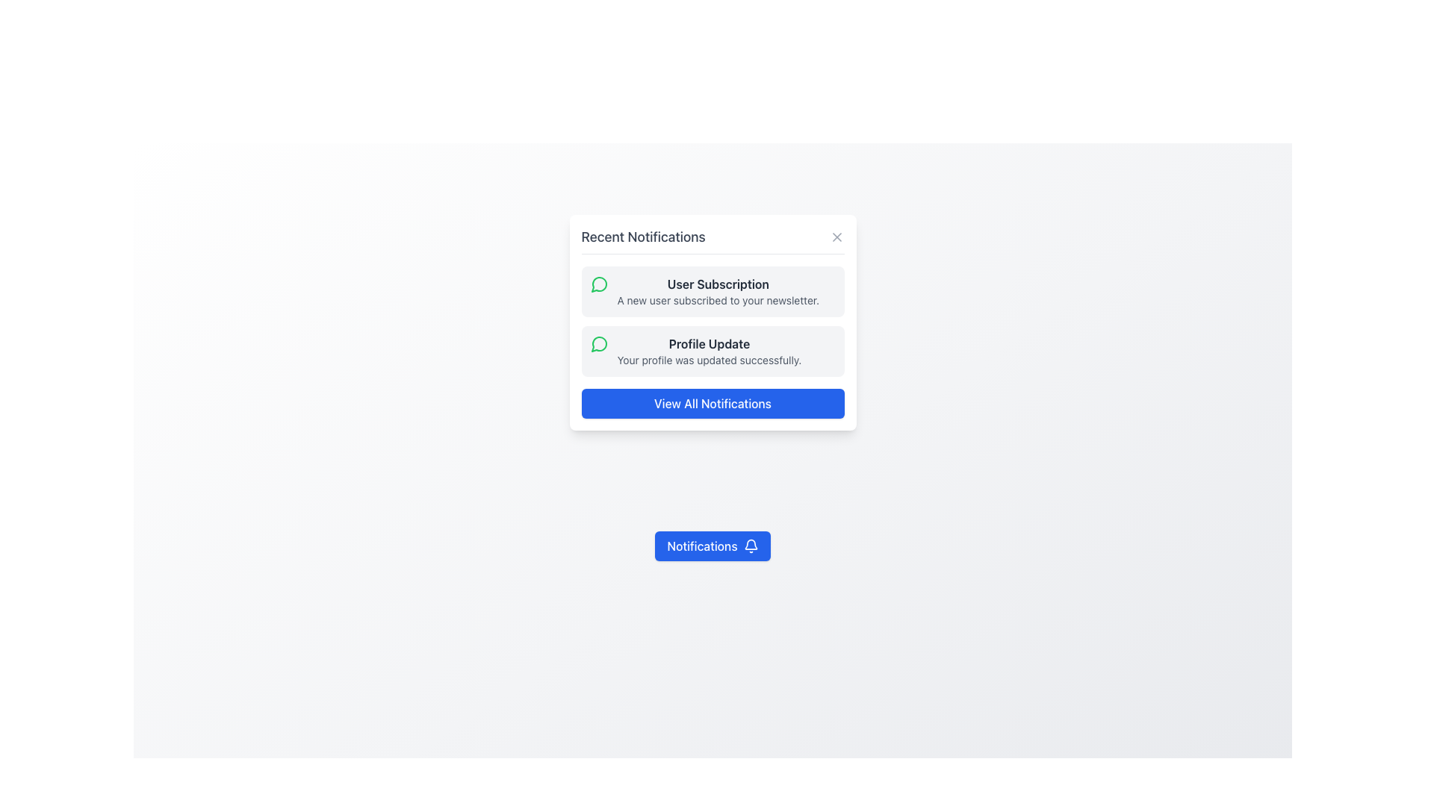 Image resolution: width=1434 pixels, height=806 pixels. I want to click on the notification panel displaying the message 'Profile Update' which indicates a successful operation, located below 'User Subscription' and above 'View All Notifications', so click(712, 351).